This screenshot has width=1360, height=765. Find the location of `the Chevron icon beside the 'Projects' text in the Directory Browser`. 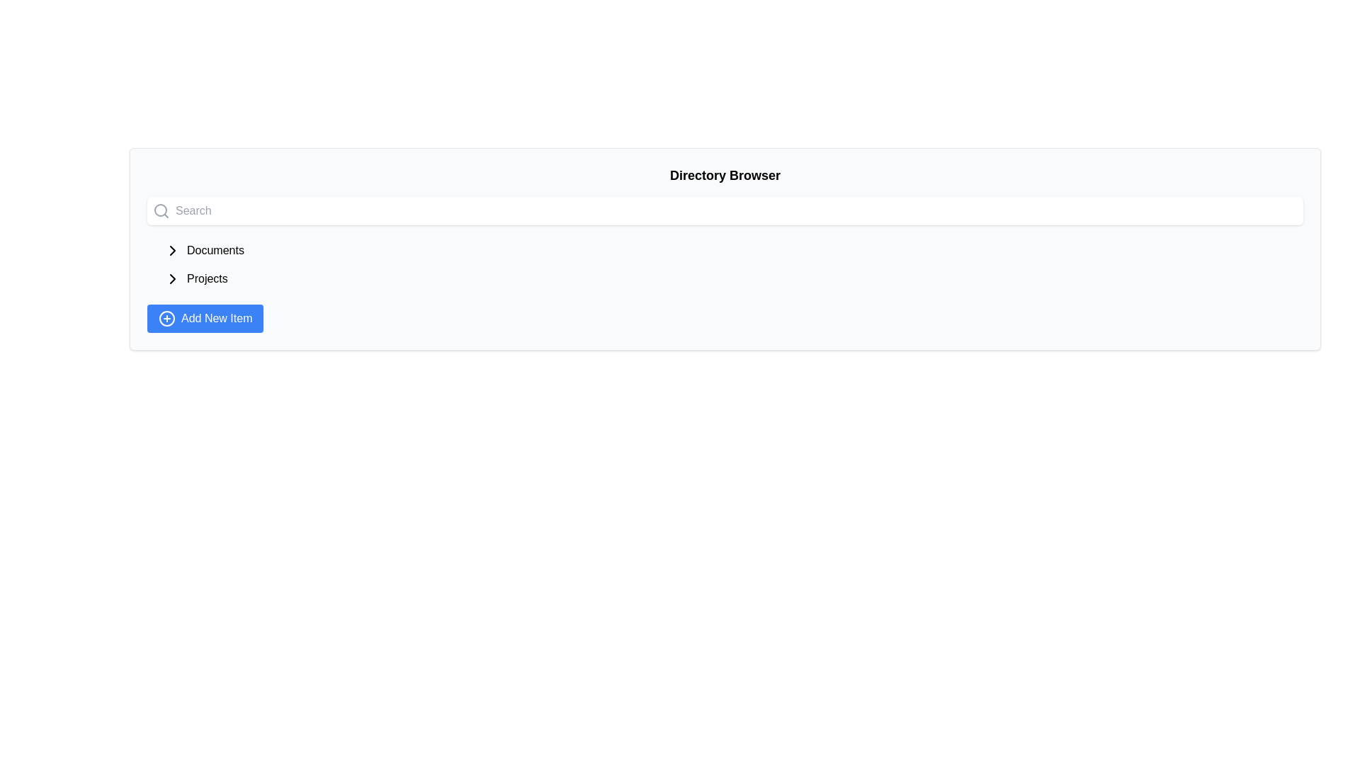

the Chevron icon beside the 'Projects' text in the Directory Browser is located at coordinates (172, 278).